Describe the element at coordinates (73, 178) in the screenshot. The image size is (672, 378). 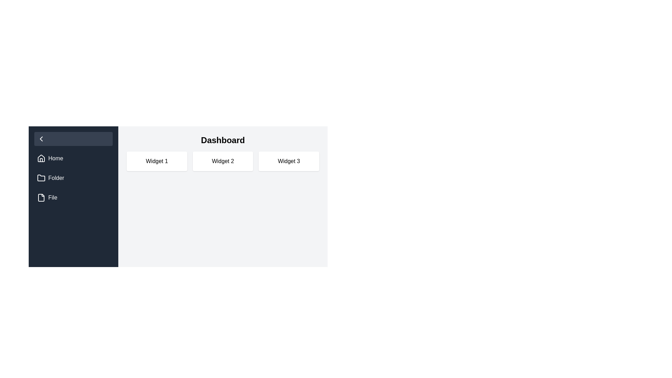
I see `the navigational button located below the 'Home' option and above the 'File' option in the vertical list menu` at that location.